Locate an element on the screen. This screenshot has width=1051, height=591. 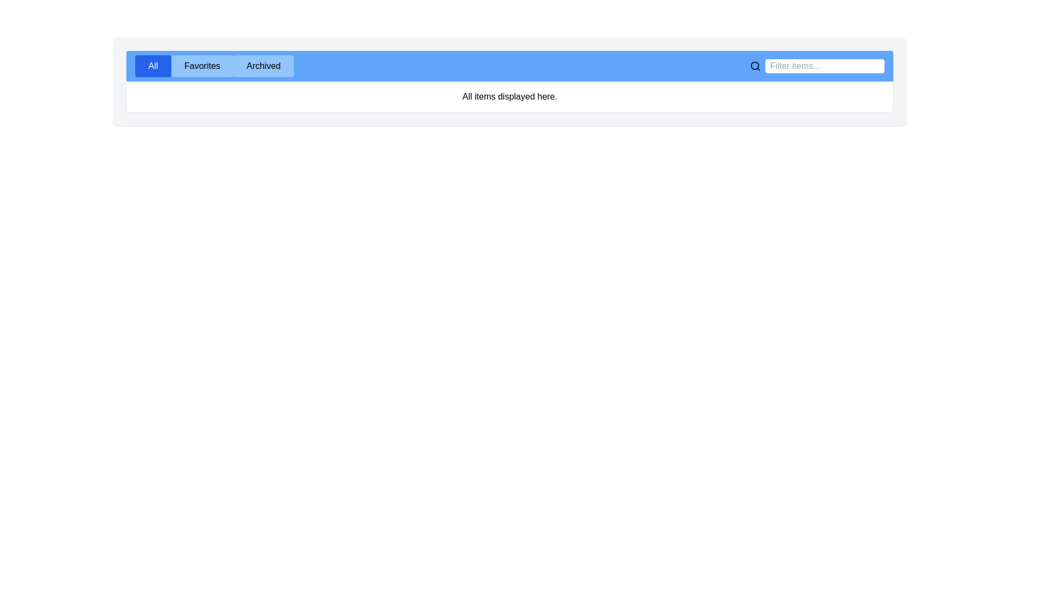
the Archived tab from the navigation is located at coordinates (263, 66).